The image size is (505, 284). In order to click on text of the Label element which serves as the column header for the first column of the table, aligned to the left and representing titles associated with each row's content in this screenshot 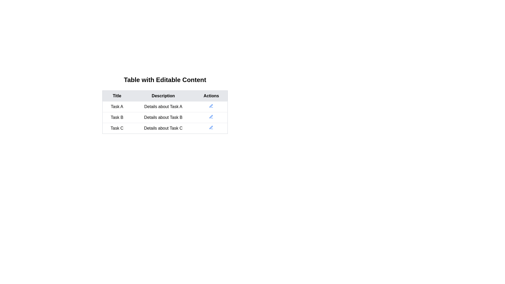, I will do `click(117, 96)`.